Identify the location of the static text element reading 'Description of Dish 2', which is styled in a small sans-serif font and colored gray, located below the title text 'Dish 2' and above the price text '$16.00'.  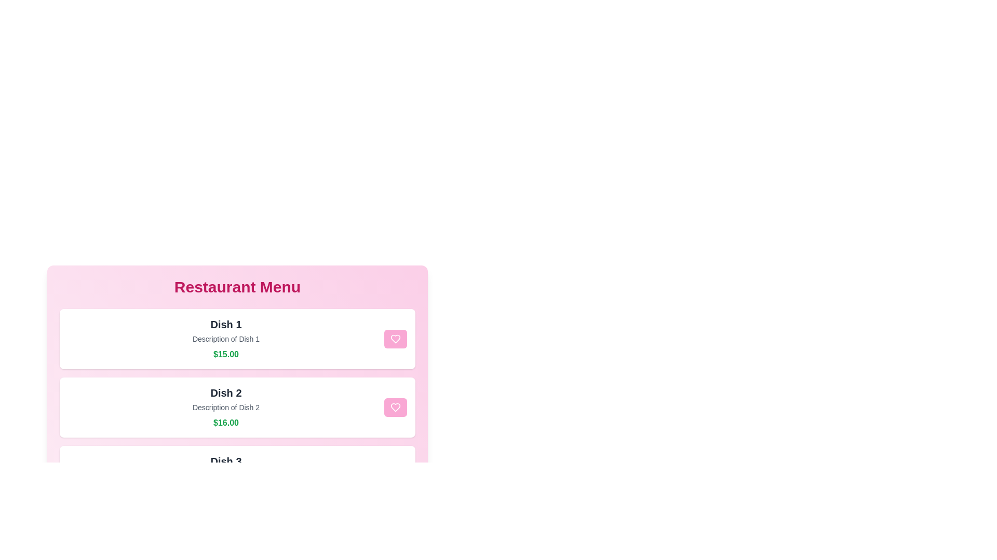
(225, 407).